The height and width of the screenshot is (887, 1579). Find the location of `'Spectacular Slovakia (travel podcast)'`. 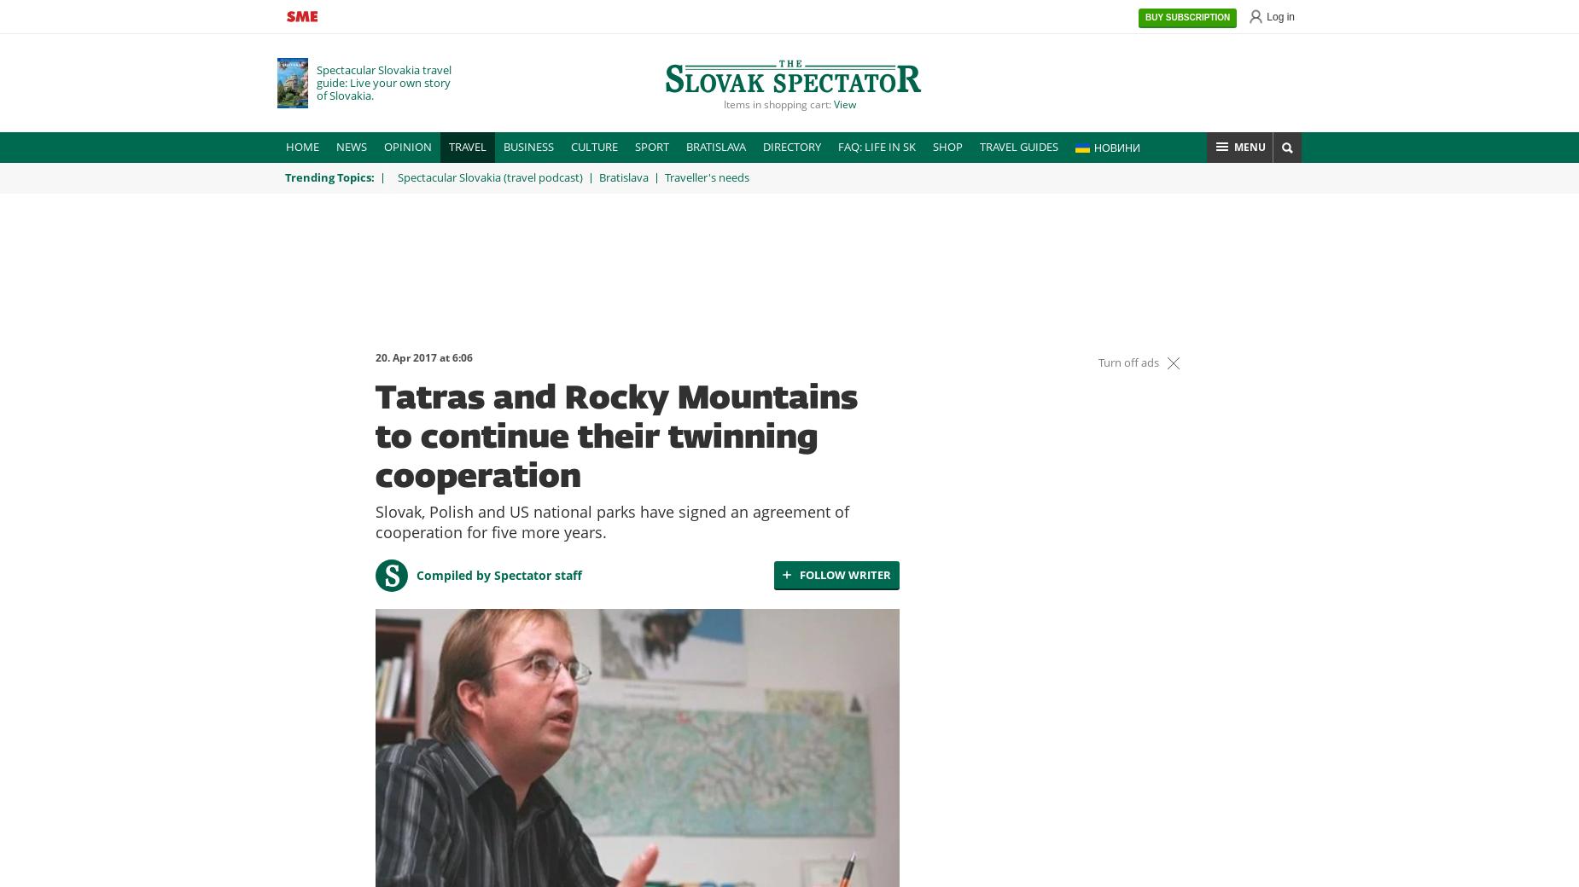

'Spectacular Slovakia (travel podcast)' is located at coordinates (398, 177).